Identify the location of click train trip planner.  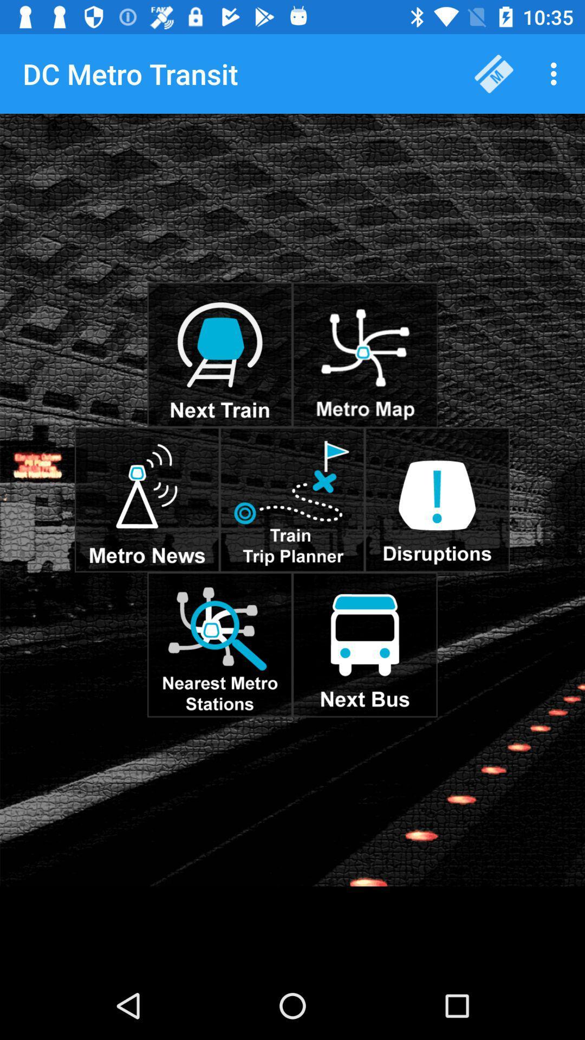
(291, 499).